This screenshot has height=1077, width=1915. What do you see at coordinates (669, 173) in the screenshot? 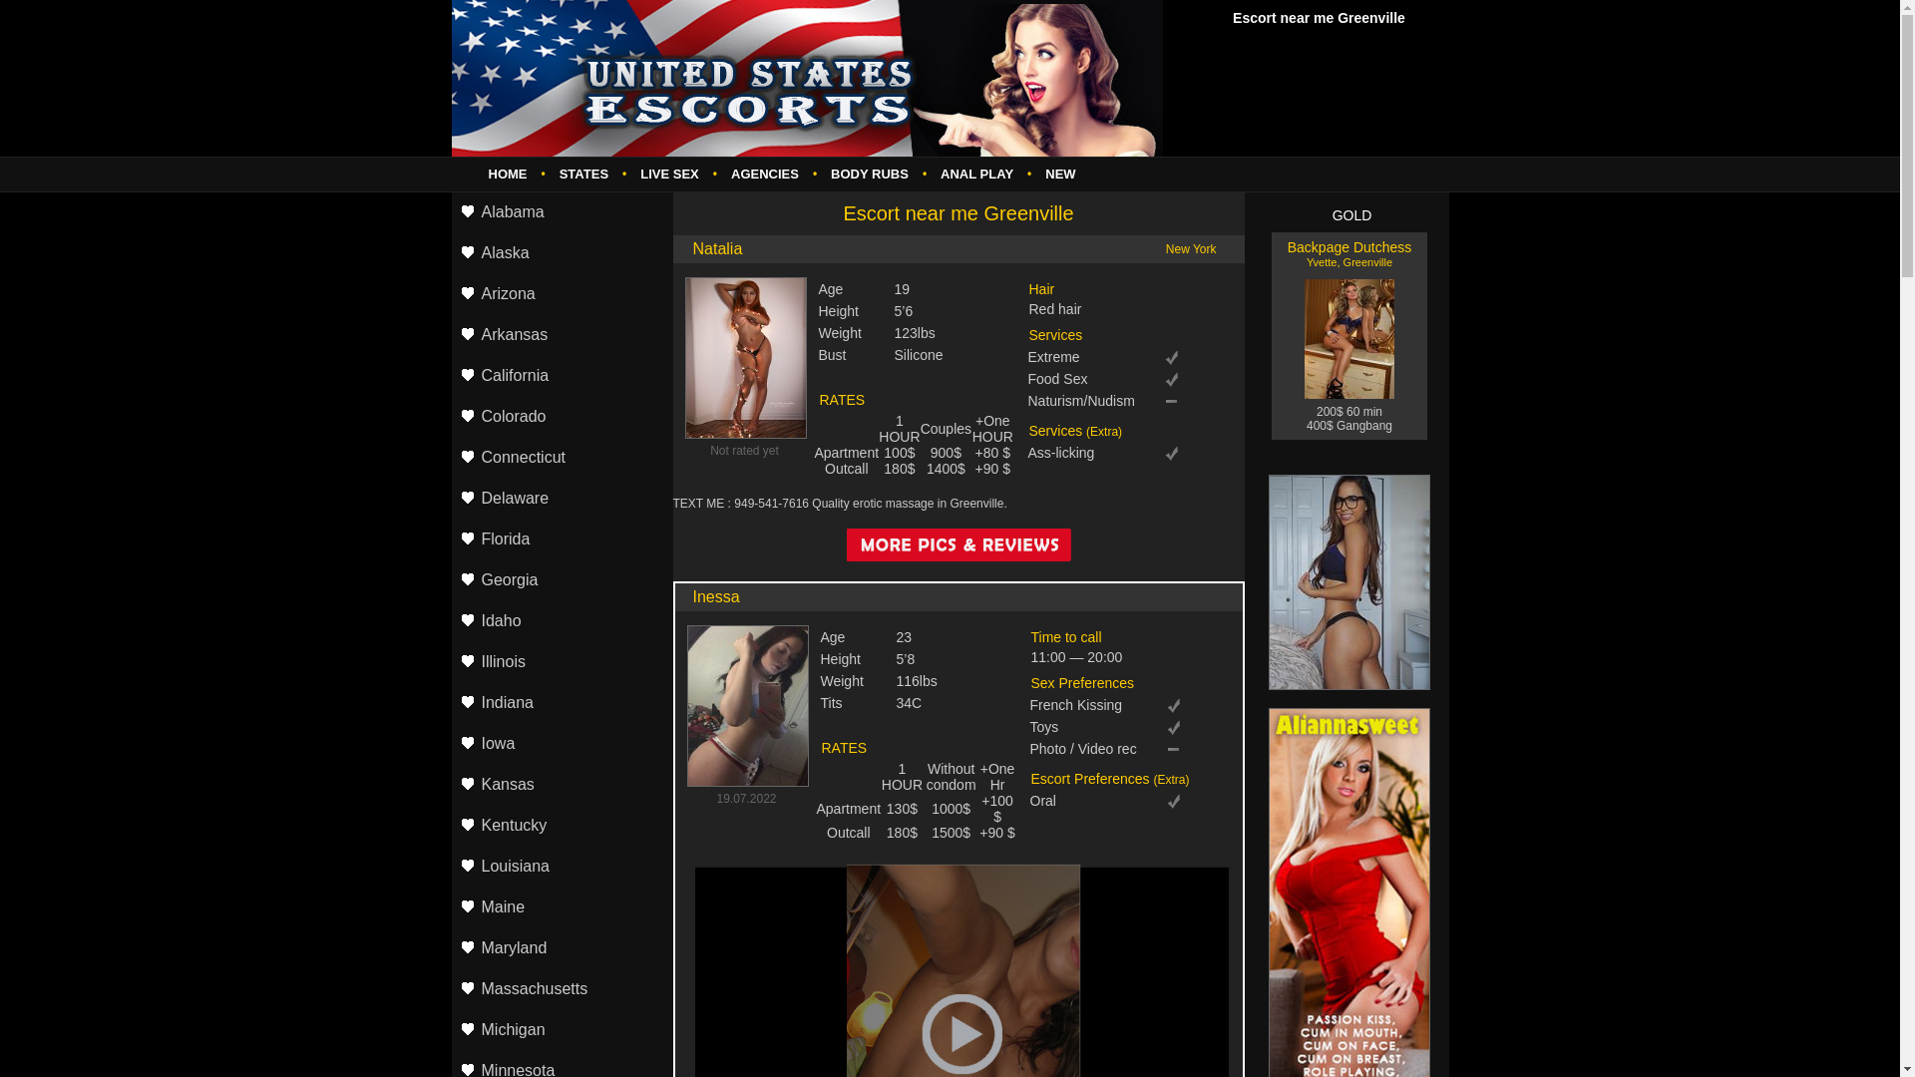
I see `'LIVE SEX'` at bounding box center [669, 173].